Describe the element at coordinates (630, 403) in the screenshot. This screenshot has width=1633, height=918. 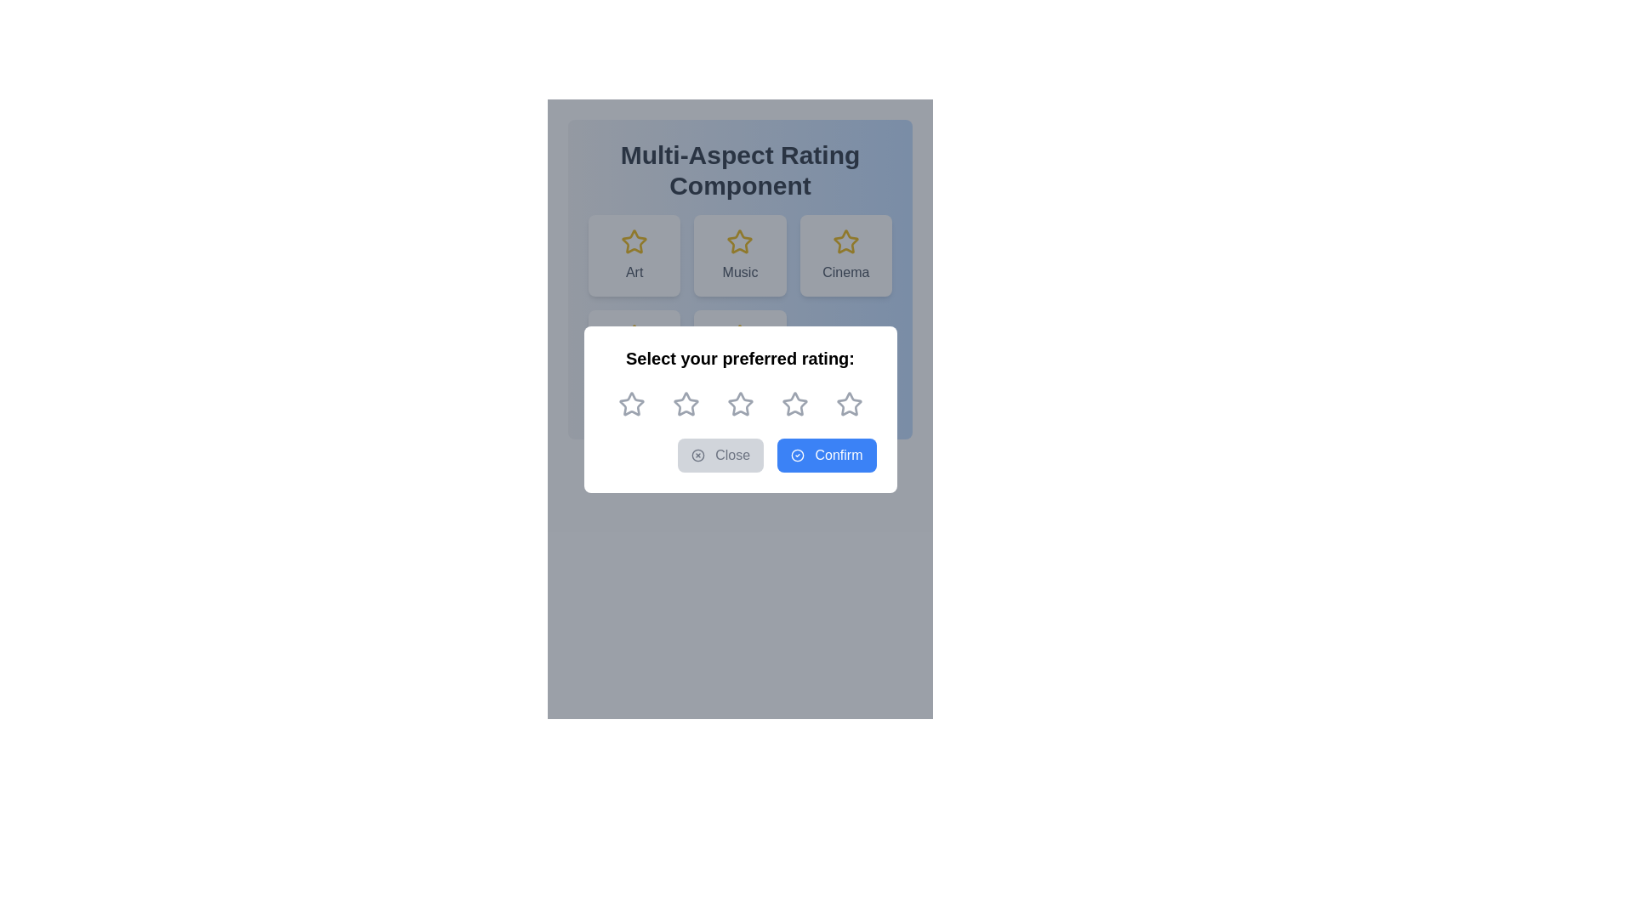
I see `the first star in the horizontal sequence used for rating, located under the heading 'Select your preferred rating:'` at that location.